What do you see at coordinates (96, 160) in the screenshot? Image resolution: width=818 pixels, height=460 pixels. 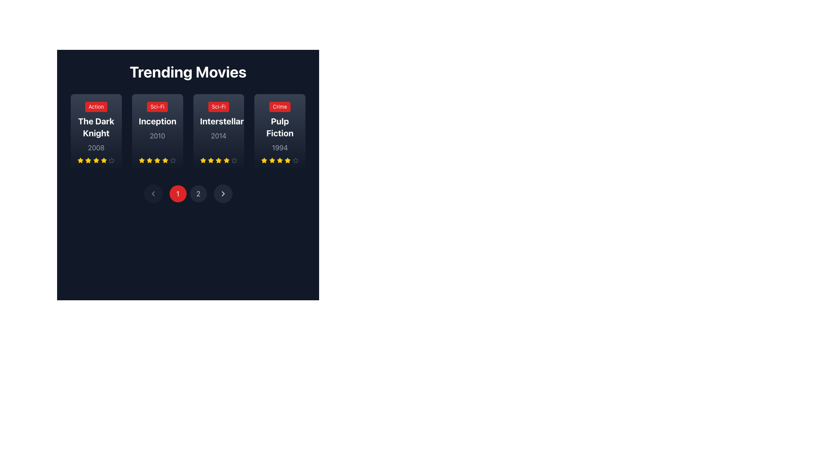 I see `the rating stars for the movie 'The Dark Knight'` at bounding box center [96, 160].